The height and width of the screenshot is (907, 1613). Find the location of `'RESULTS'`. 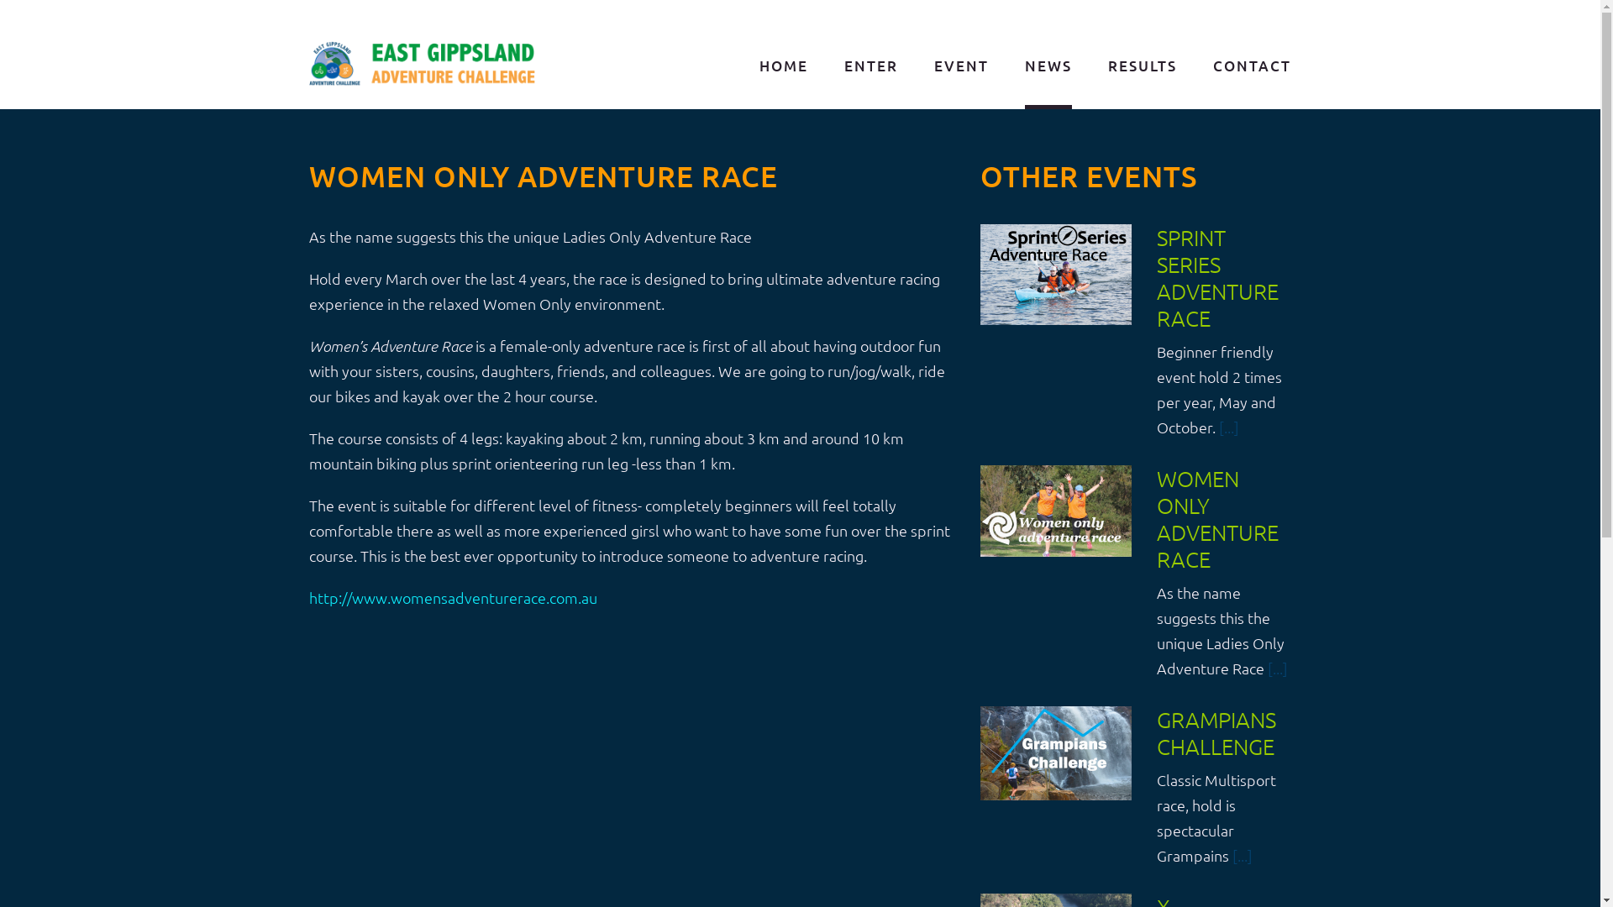

'RESULTS' is located at coordinates (1142, 66).